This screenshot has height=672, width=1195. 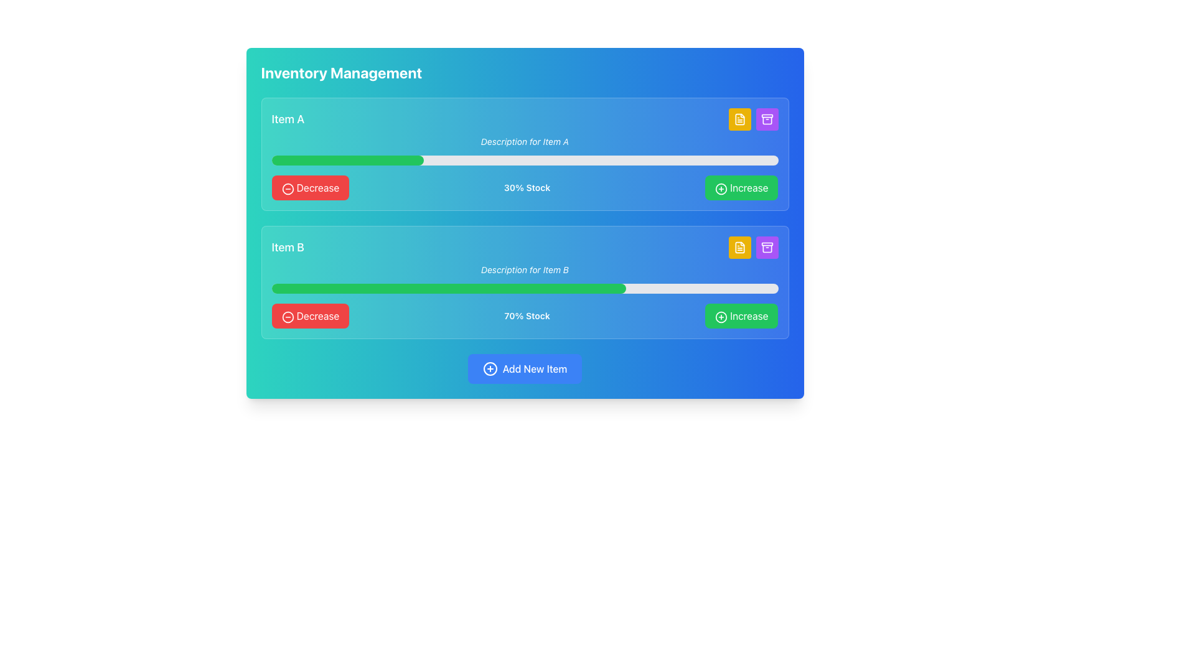 What do you see at coordinates (739, 119) in the screenshot?
I see `the file or text document icon located in the top-right corner of the card for 'Item A', which is adjacent to the purple trash can icon and above the green 'Increase' button` at bounding box center [739, 119].